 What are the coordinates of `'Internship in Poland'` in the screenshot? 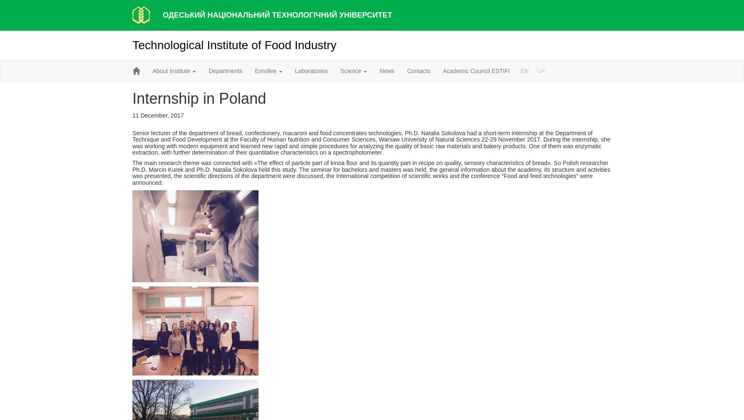 It's located at (199, 98).